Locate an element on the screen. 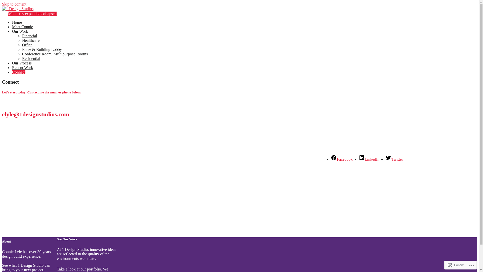 Image resolution: width=483 pixels, height=272 pixels. 'Our Process' is located at coordinates (21, 63).